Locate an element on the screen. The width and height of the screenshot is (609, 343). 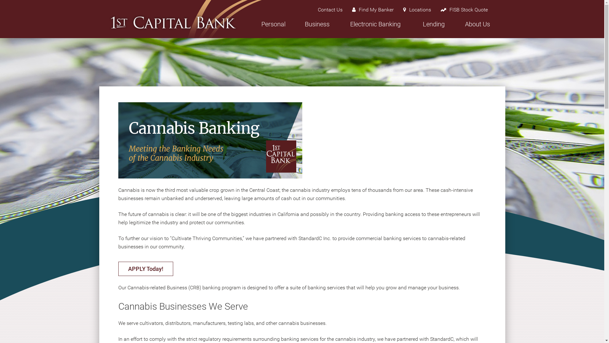
'Locations' is located at coordinates (417, 10).